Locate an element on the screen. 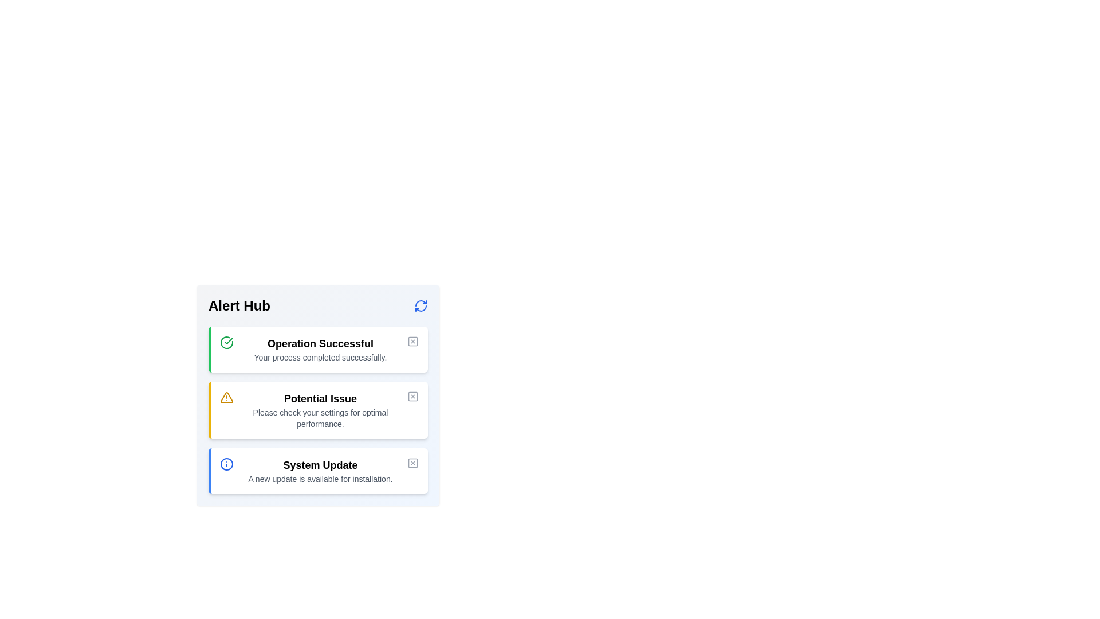 The image size is (1100, 619). the Text Label/Heading that serves as a title or header for the section, providing context to the user is located at coordinates (238, 305).